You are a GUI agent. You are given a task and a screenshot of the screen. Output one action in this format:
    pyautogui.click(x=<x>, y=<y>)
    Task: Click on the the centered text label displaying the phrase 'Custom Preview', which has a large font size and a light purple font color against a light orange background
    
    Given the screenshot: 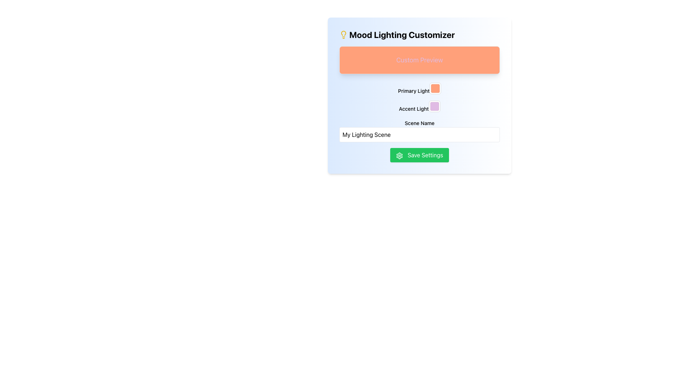 What is the action you would take?
    pyautogui.click(x=420, y=60)
    